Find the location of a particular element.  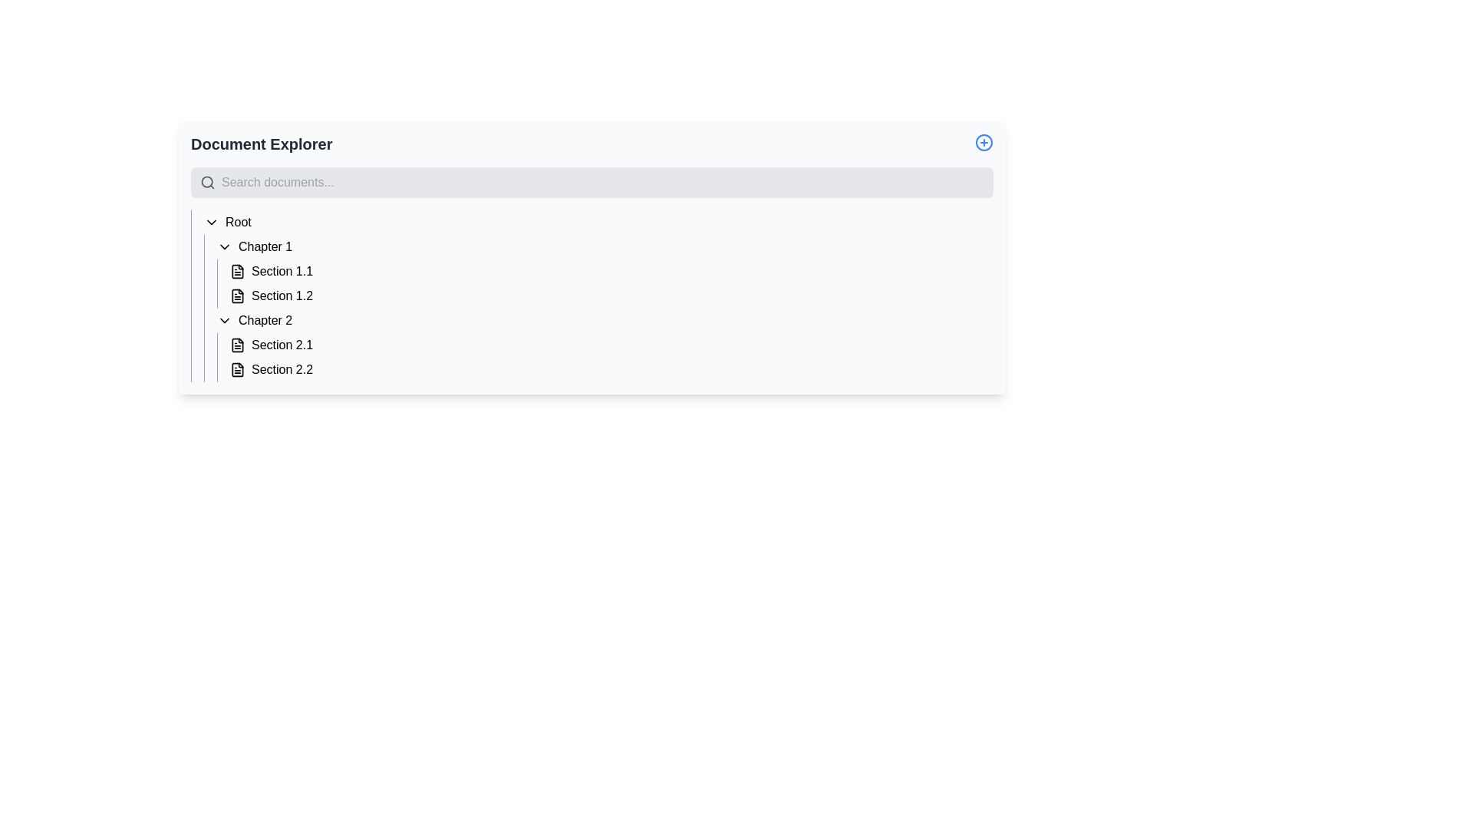

the text label displaying 'Section 2.2' is located at coordinates (282, 370).